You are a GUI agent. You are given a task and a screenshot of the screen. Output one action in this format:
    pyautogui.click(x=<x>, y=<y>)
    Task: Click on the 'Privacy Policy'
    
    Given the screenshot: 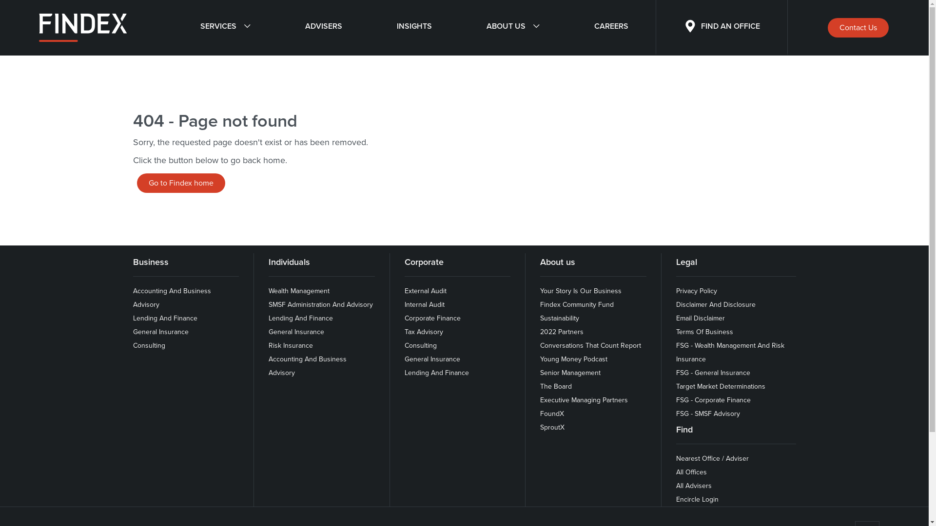 What is the action you would take?
    pyautogui.click(x=696, y=290)
    